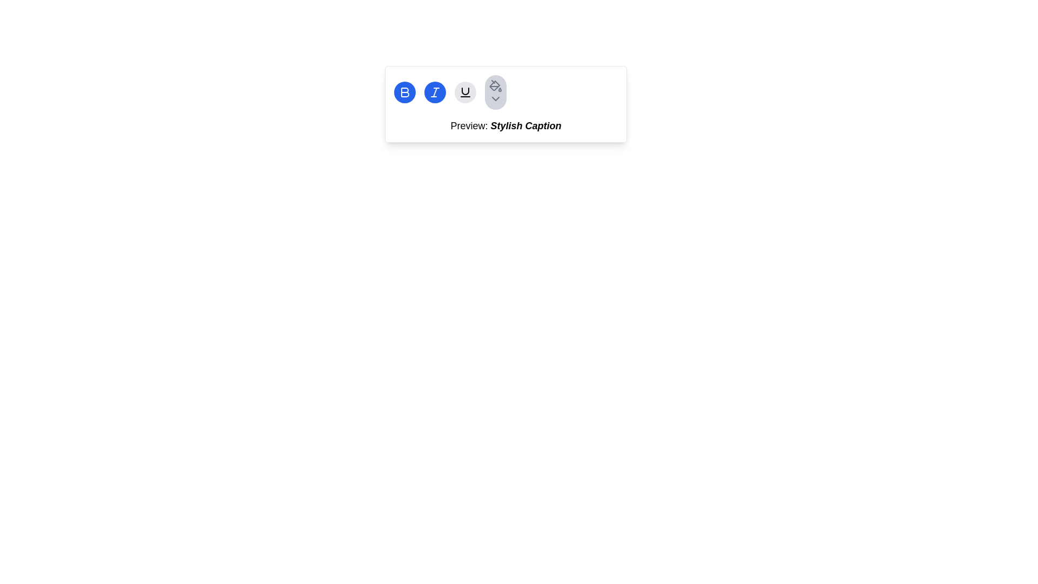 This screenshot has width=1038, height=584. Describe the element at coordinates (465, 91) in the screenshot. I see `the circular button with a light gray background and an underline text formatting icon` at that location.